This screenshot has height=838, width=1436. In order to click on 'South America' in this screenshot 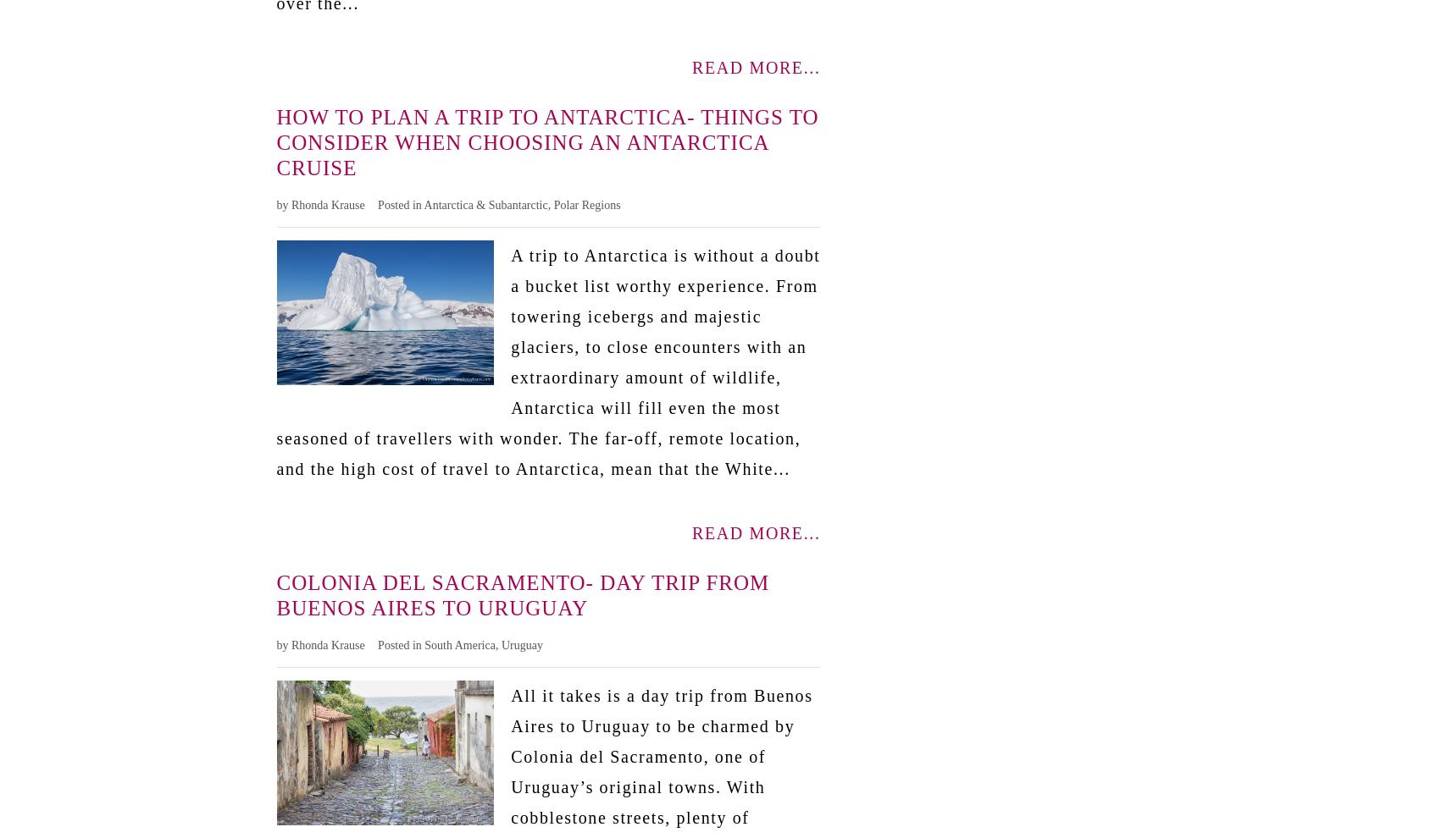, I will do `click(424, 644)`.